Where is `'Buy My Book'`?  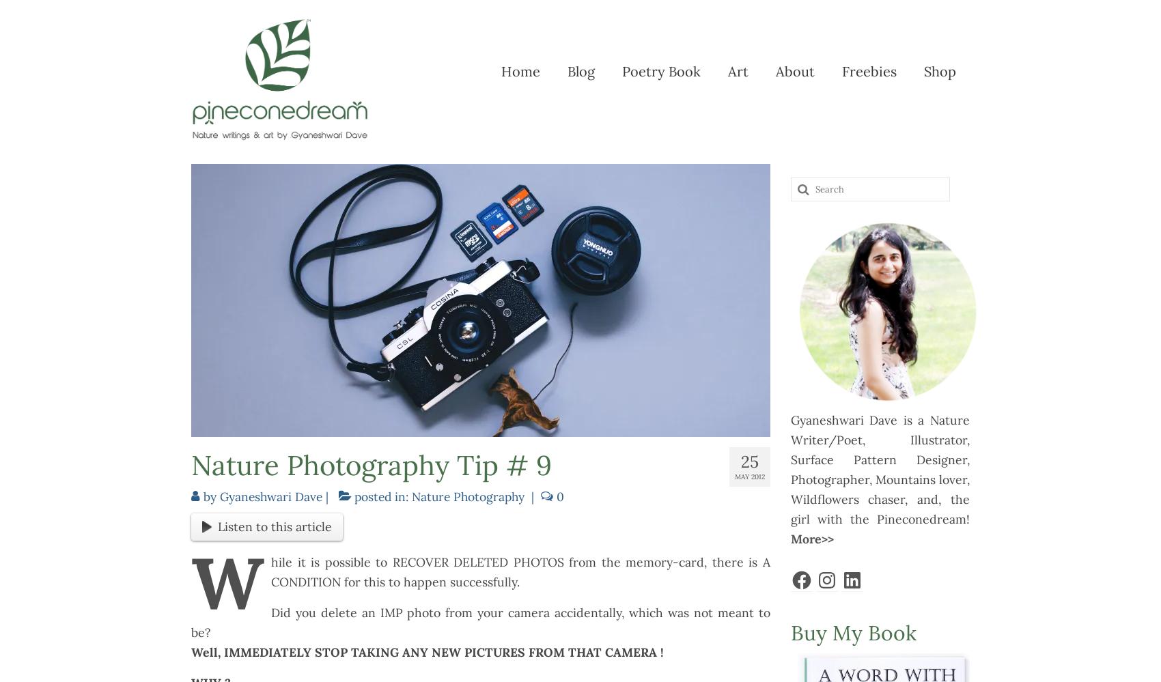
'Buy My Book' is located at coordinates (852, 631).